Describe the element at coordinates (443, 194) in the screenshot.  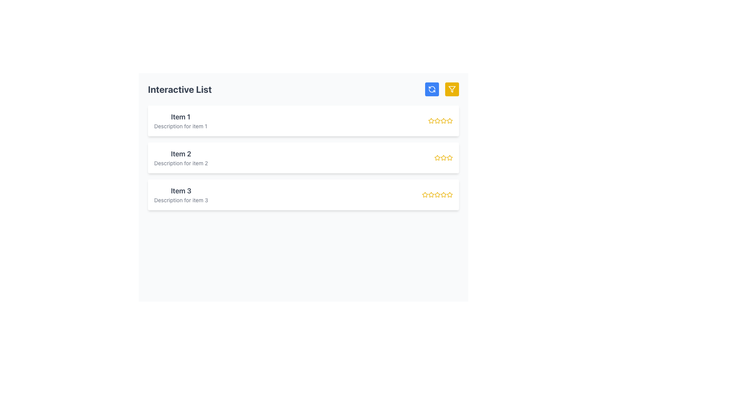
I see `the fourth yellow rating star icon with a white outline, which is part of the rating section for the third item in a vertical list of content cards` at that location.